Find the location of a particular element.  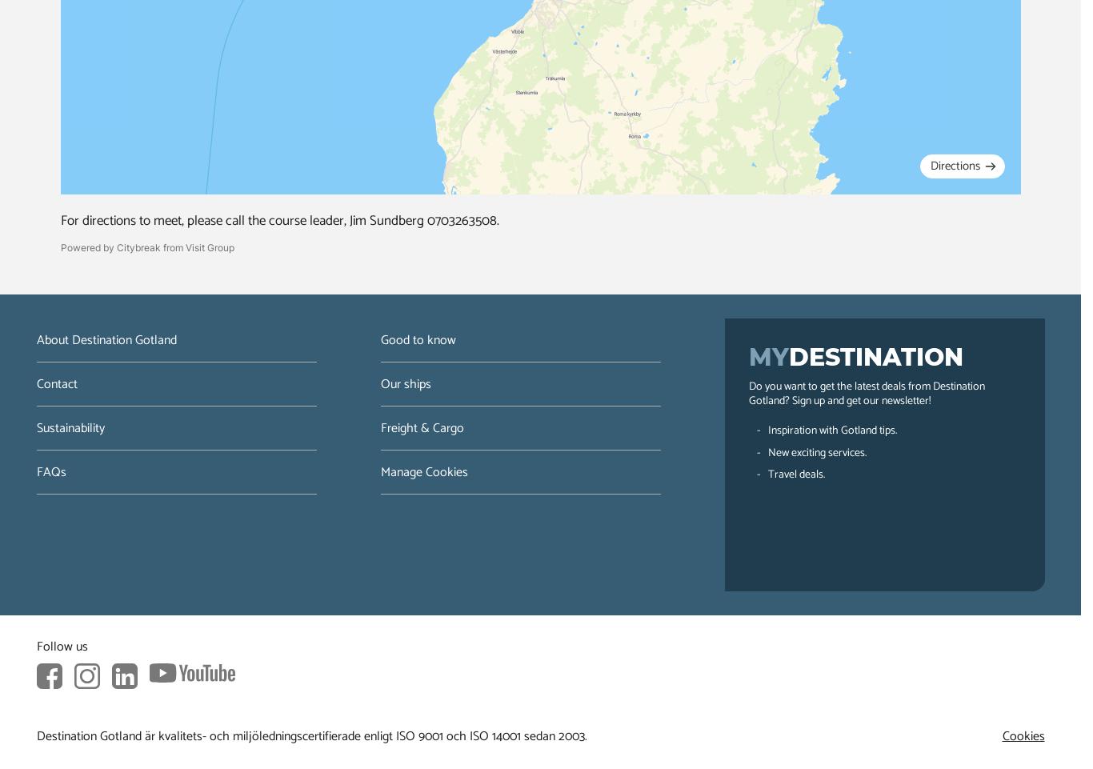

'Our ships' is located at coordinates (405, 382).